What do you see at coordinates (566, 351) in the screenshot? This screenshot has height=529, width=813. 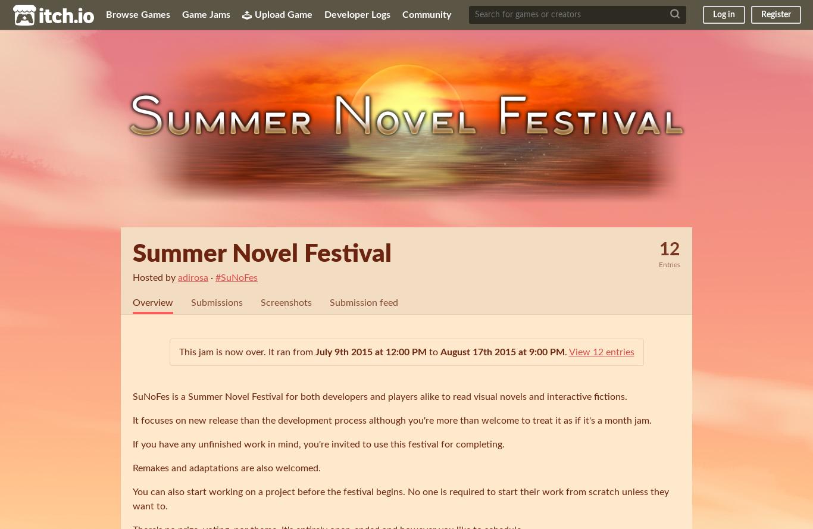 I see `'.'` at bounding box center [566, 351].